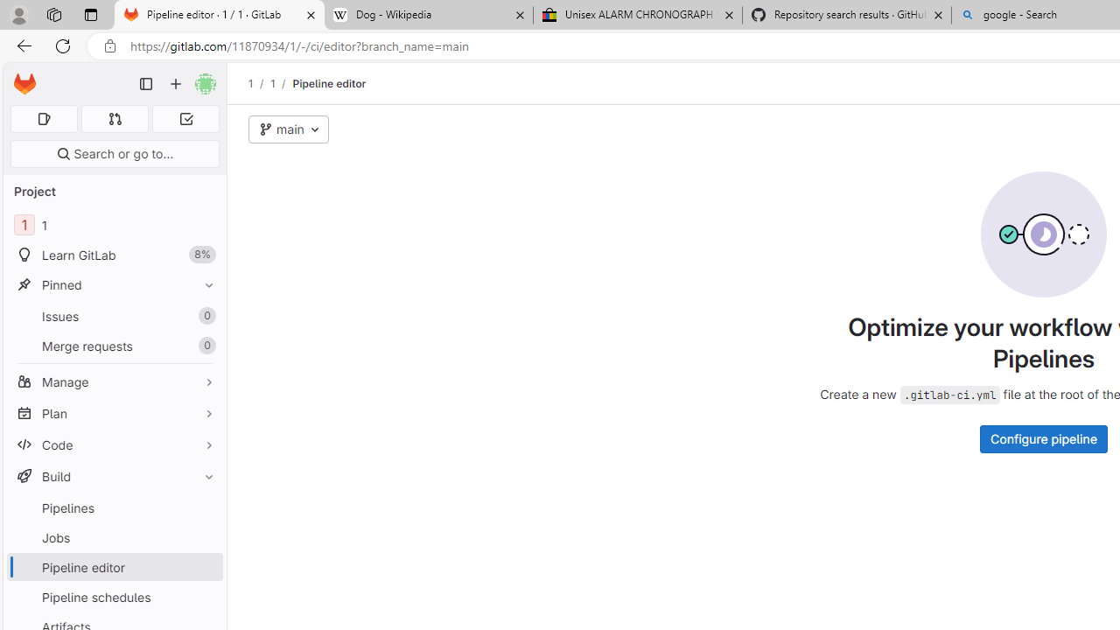 The image size is (1120, 630). Describe the element at coordinates (114, 536) in the screenshot. I see `'Jobs'` at that location.